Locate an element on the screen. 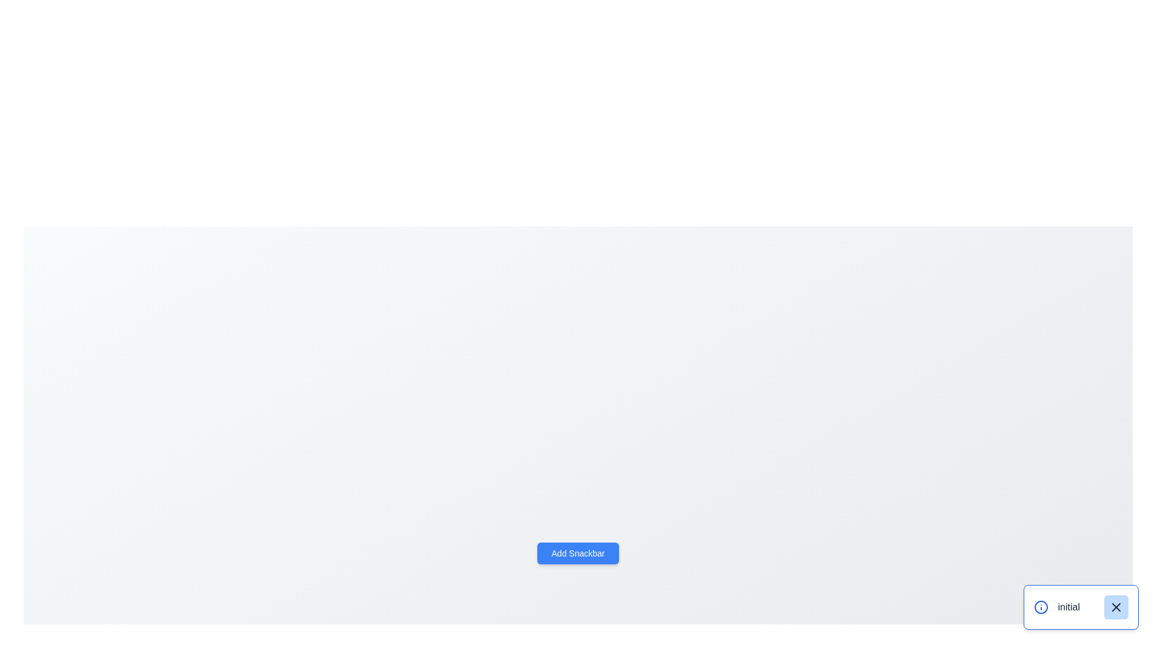  the close button icon located in the bottom-right corner of the user interface is located at coordinates (1116, 607).